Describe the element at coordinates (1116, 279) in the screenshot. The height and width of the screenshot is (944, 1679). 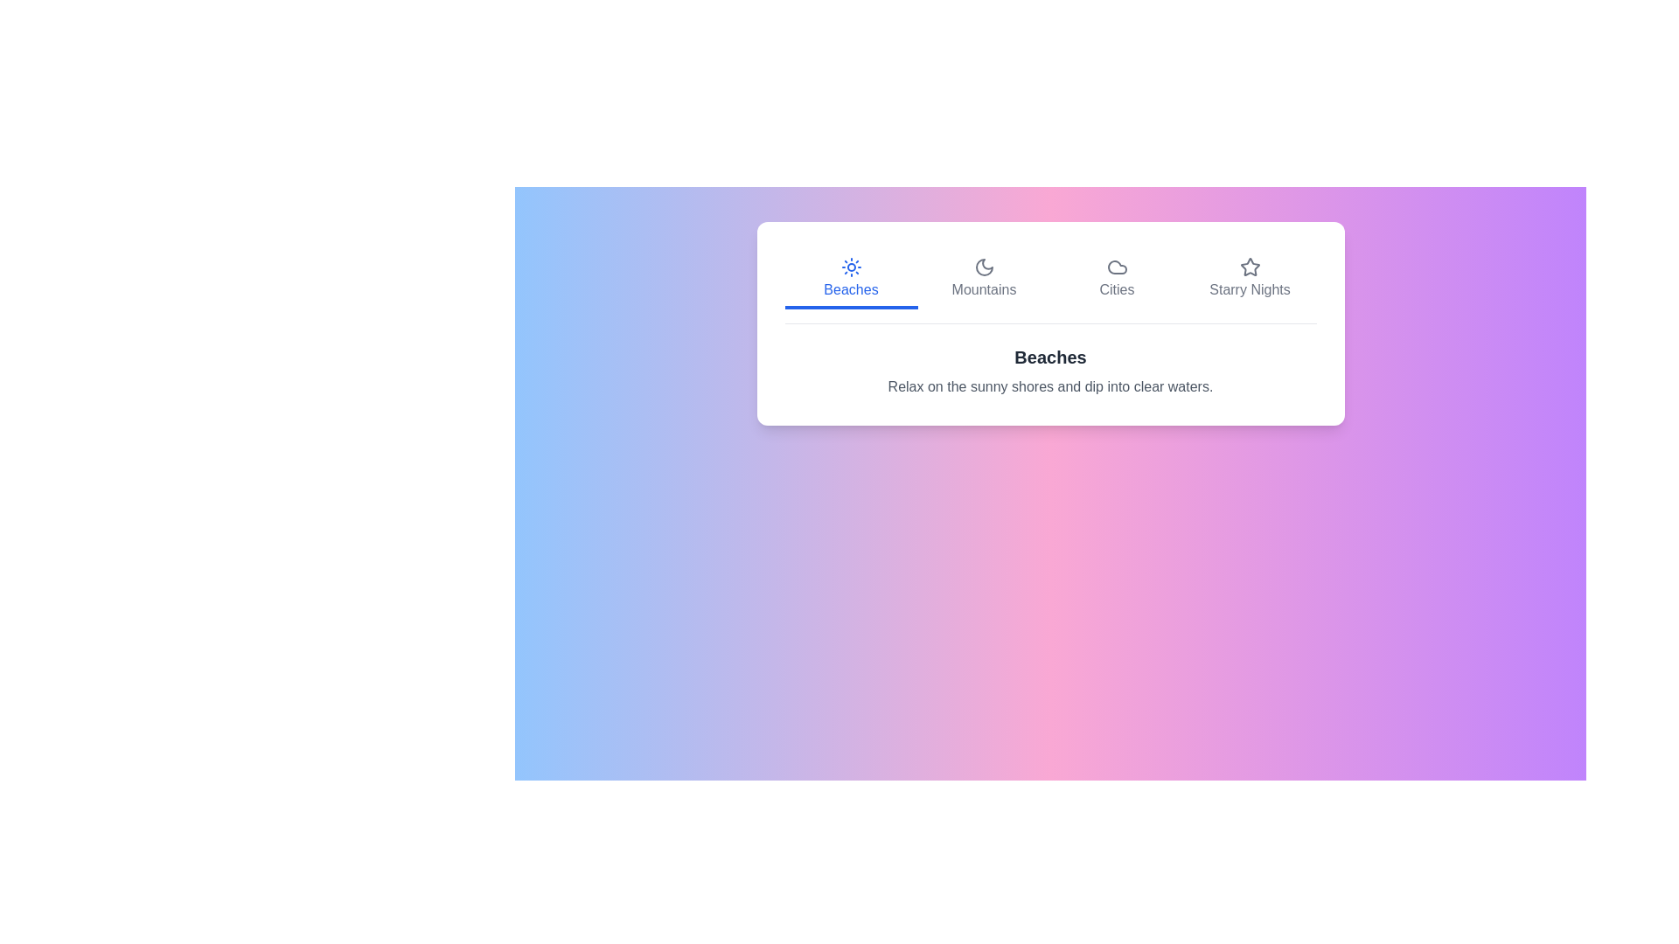
I see `the Cities button to preview its hover effect` at that location.